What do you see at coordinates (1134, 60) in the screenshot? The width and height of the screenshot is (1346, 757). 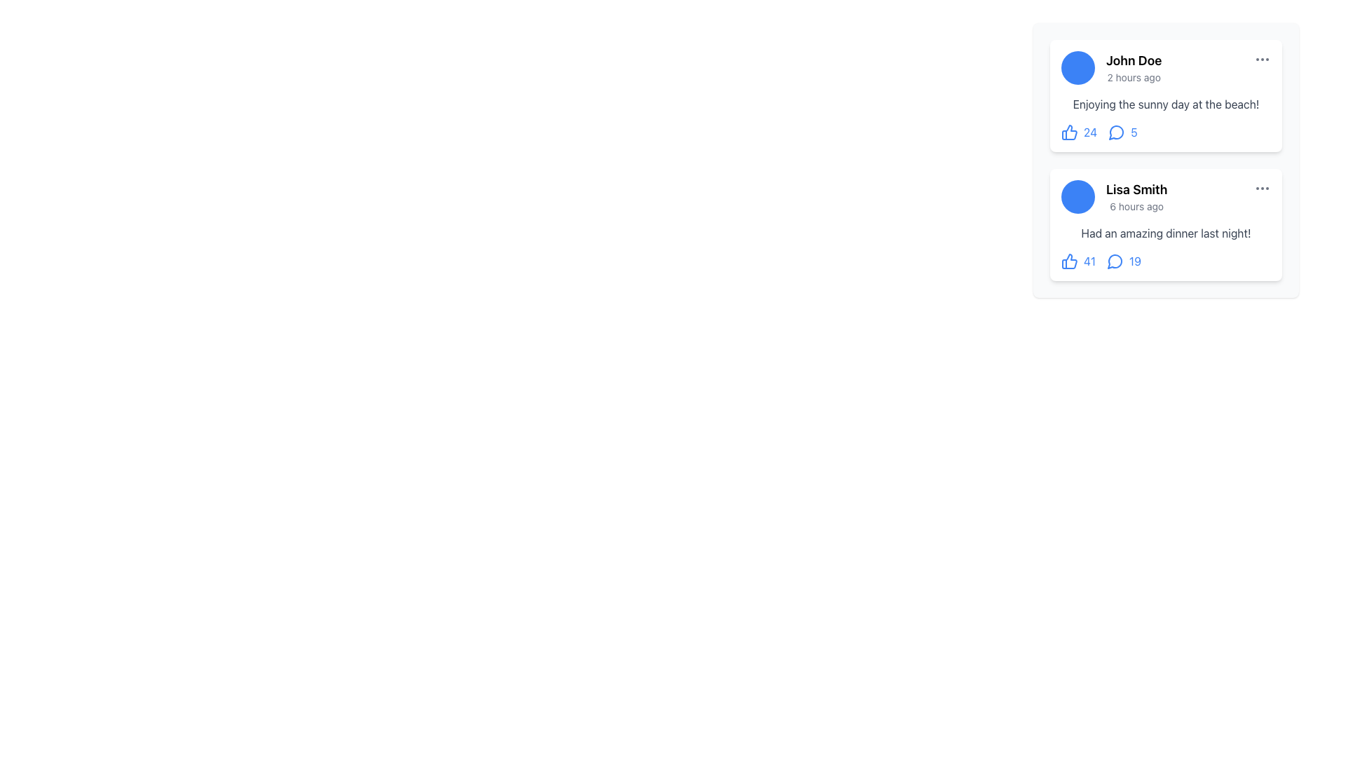 I see `the Text Label displaying 'John Doe', which is located at the top-left corner of the first card in a vertical list of user posts, above the subtext '2 hours ago'` at bounding box center [1134, 60].